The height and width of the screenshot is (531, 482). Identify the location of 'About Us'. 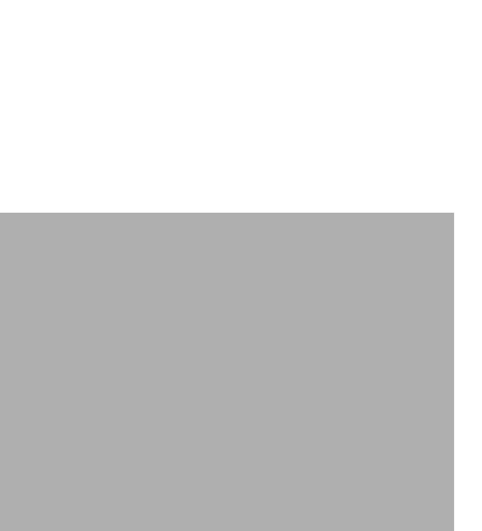
(86, 252).